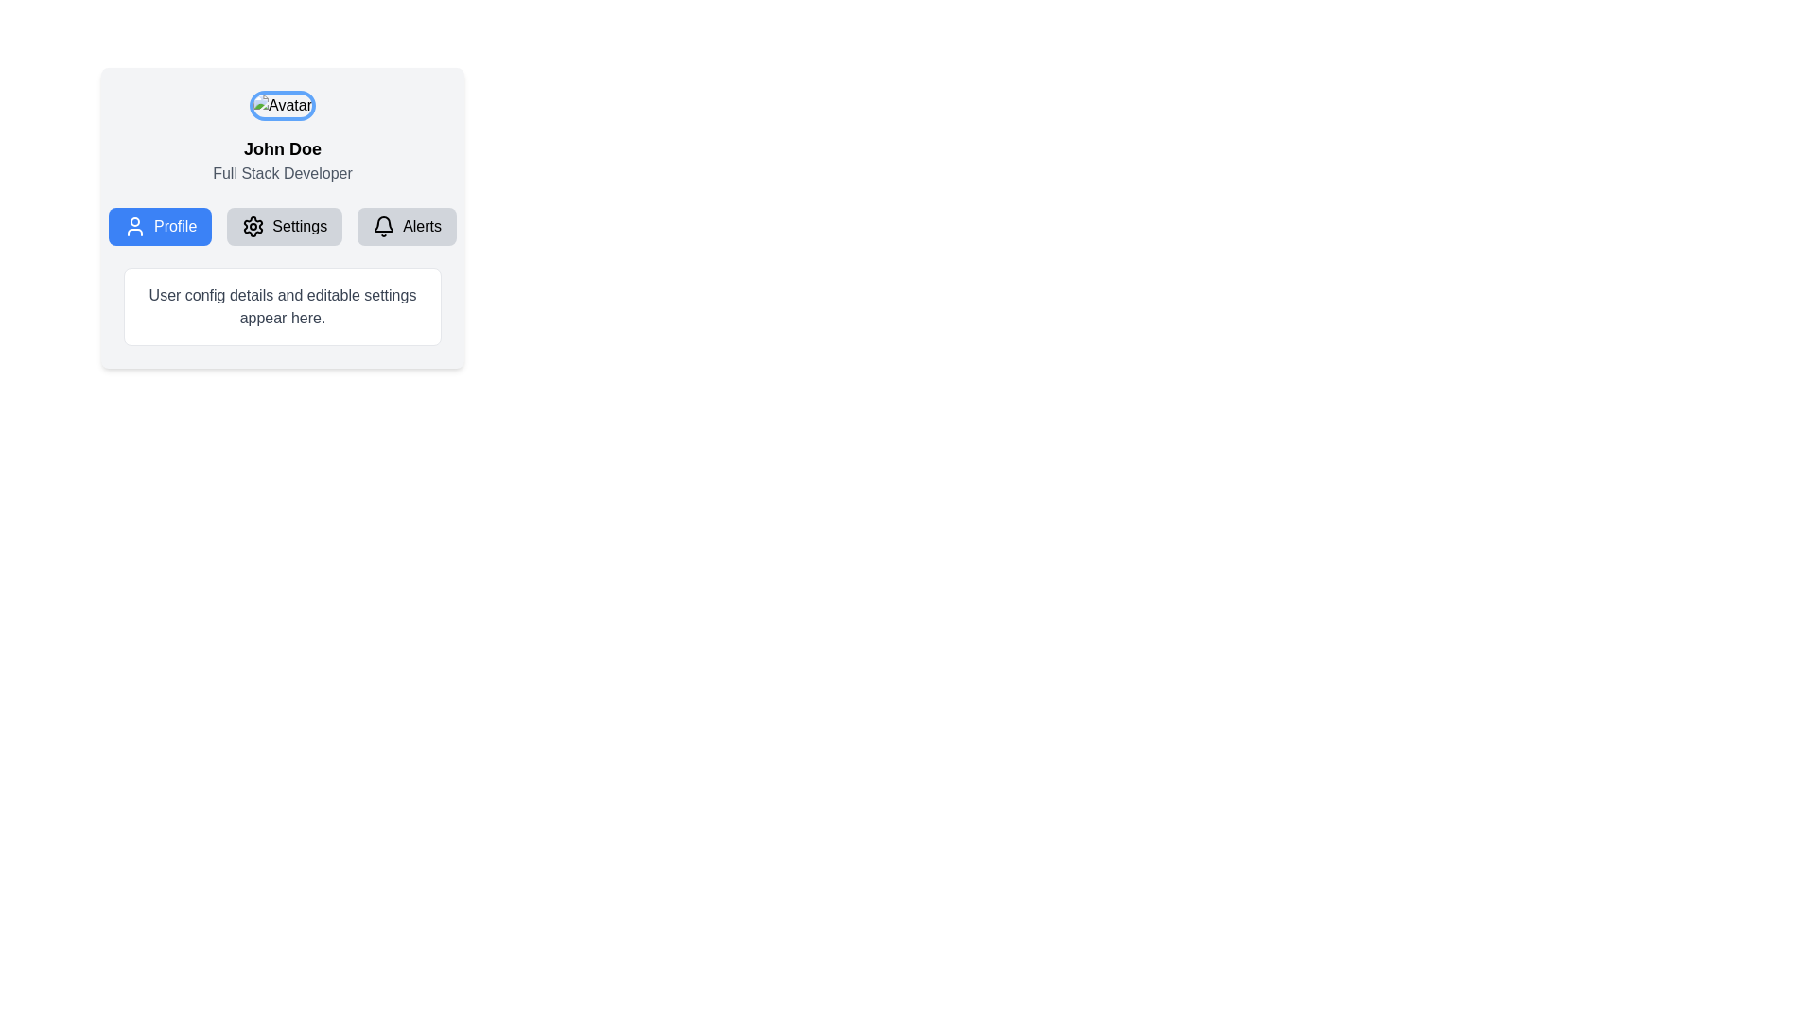 This screenshot has height=1021, width=1816. What do you see at coordinates (281, 148) in the screenshot?
I see `the static text element displaying the user's name, which is centrally aligned above the text 'Full Stack Developer' and located beneath an avatar image` at bounding box center [281, 148].